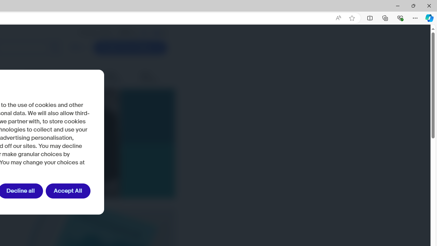 The width and height of the screenshot is (437, 246). I want to click on 'Collections', so click(385, 17).